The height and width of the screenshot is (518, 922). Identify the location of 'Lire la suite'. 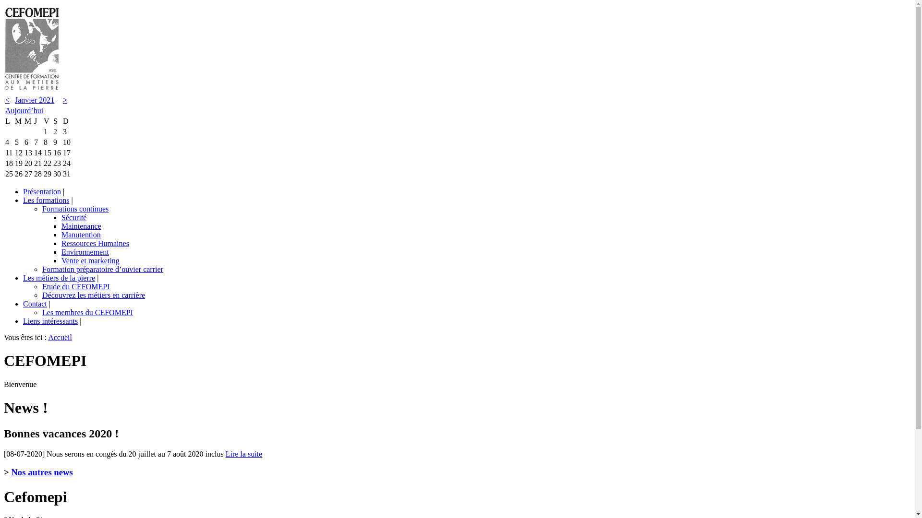
(244, 453).